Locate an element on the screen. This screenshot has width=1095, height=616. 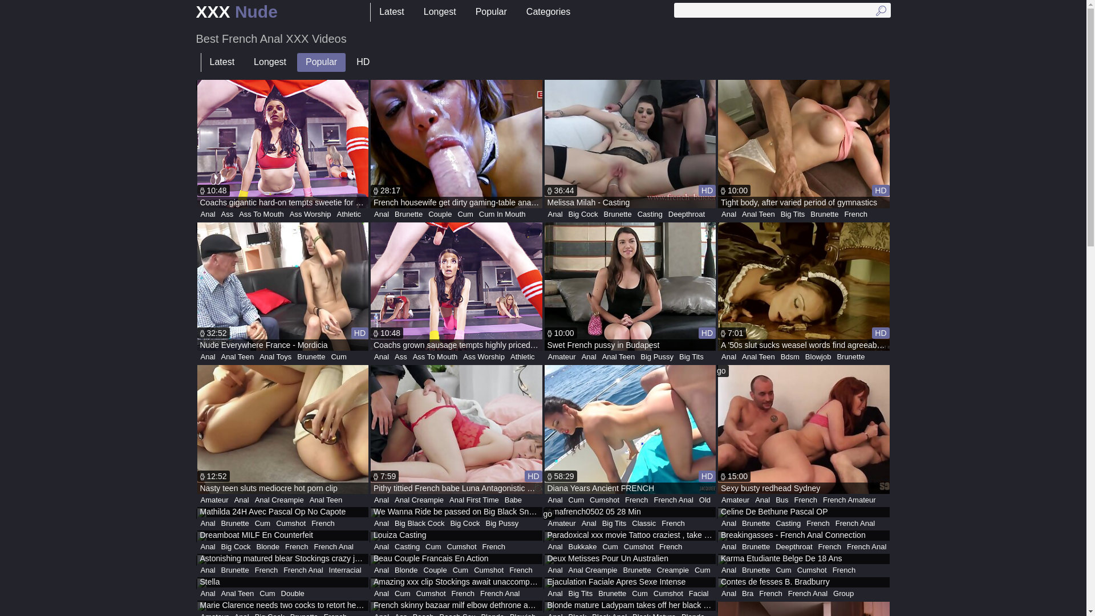
'Sexy busty redhead Sydney is located at coordinates (803, 429).